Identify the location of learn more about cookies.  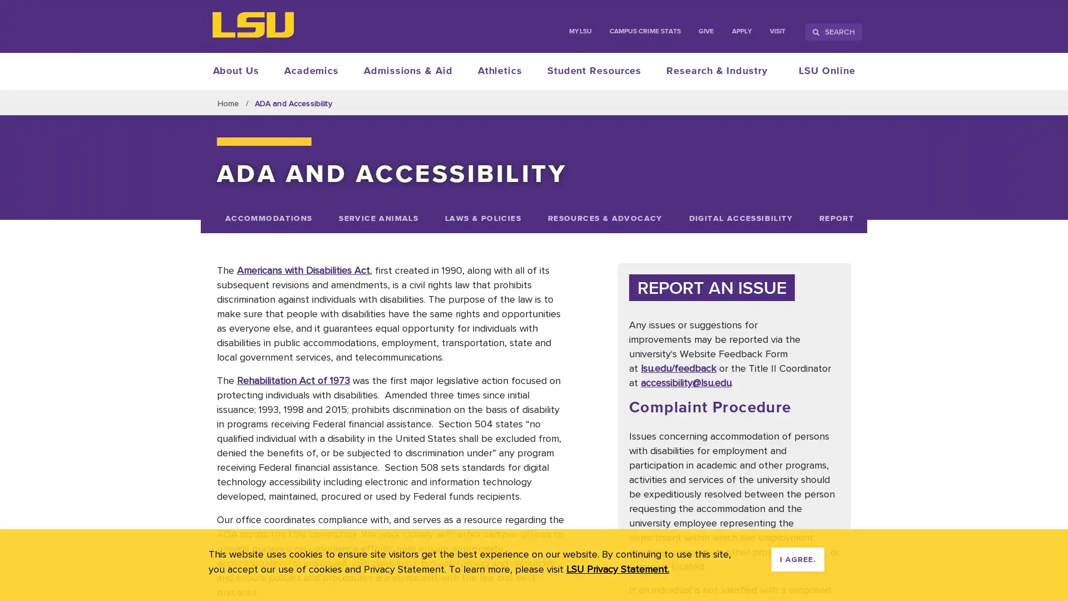
(617, 569).